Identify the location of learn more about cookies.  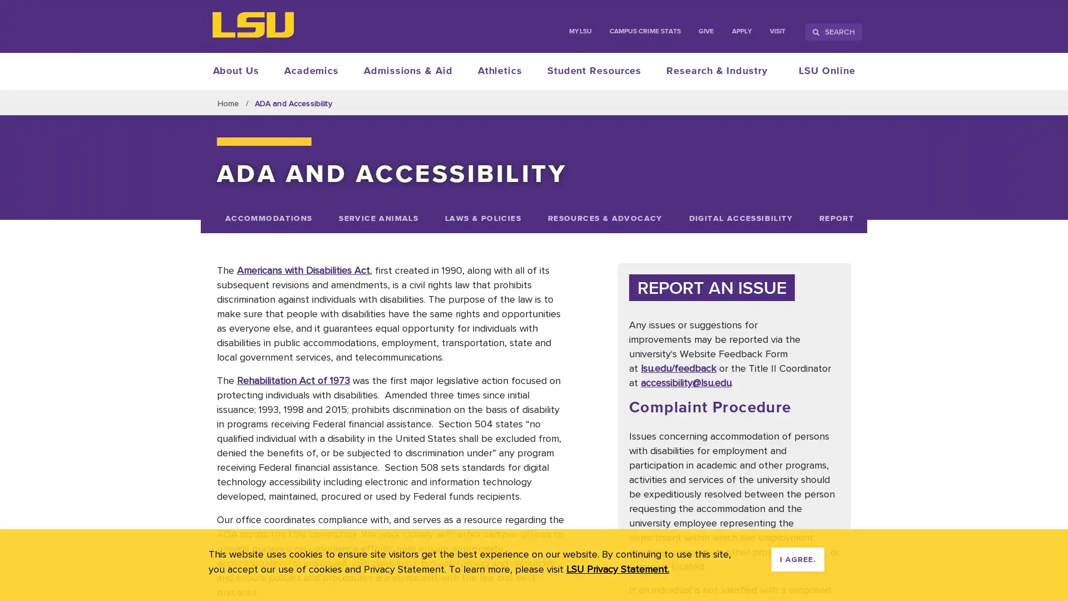
(617, 569).